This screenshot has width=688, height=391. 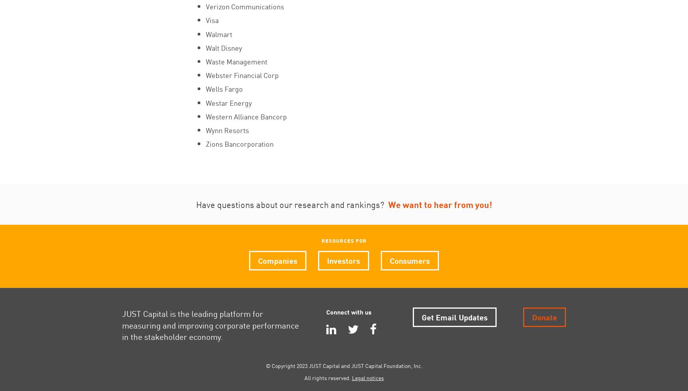 I want to click on 'Zions Bancorporation', so click(x=239, y=144).